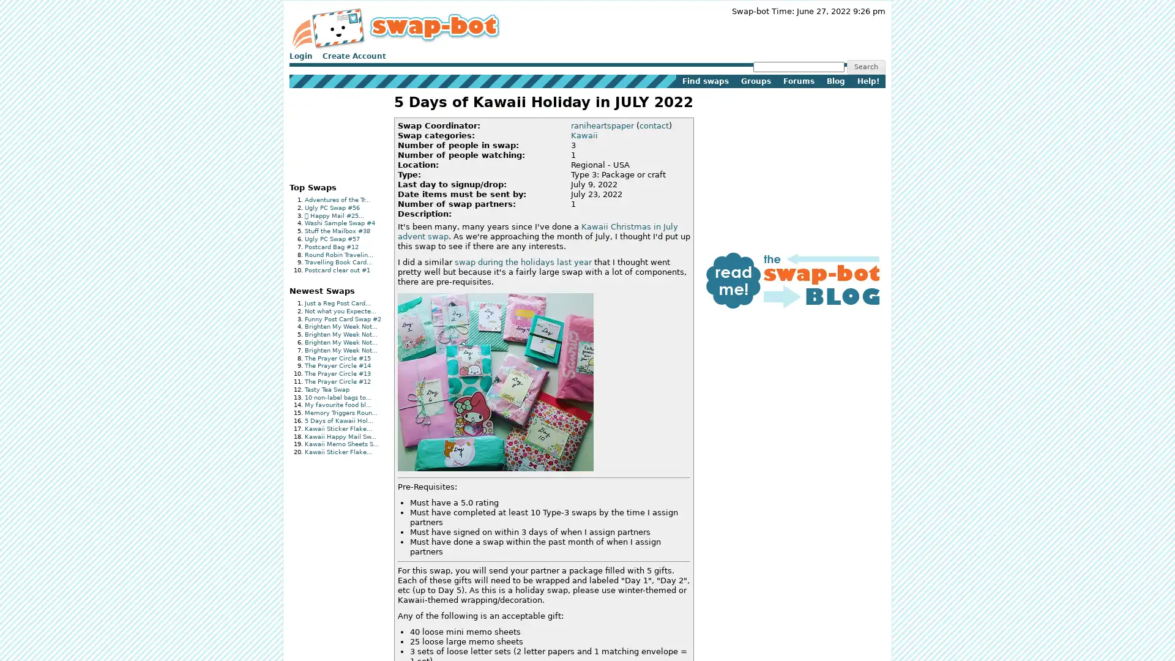 The image size is (1175, 661). I want to click on Search, so click(865, 67).